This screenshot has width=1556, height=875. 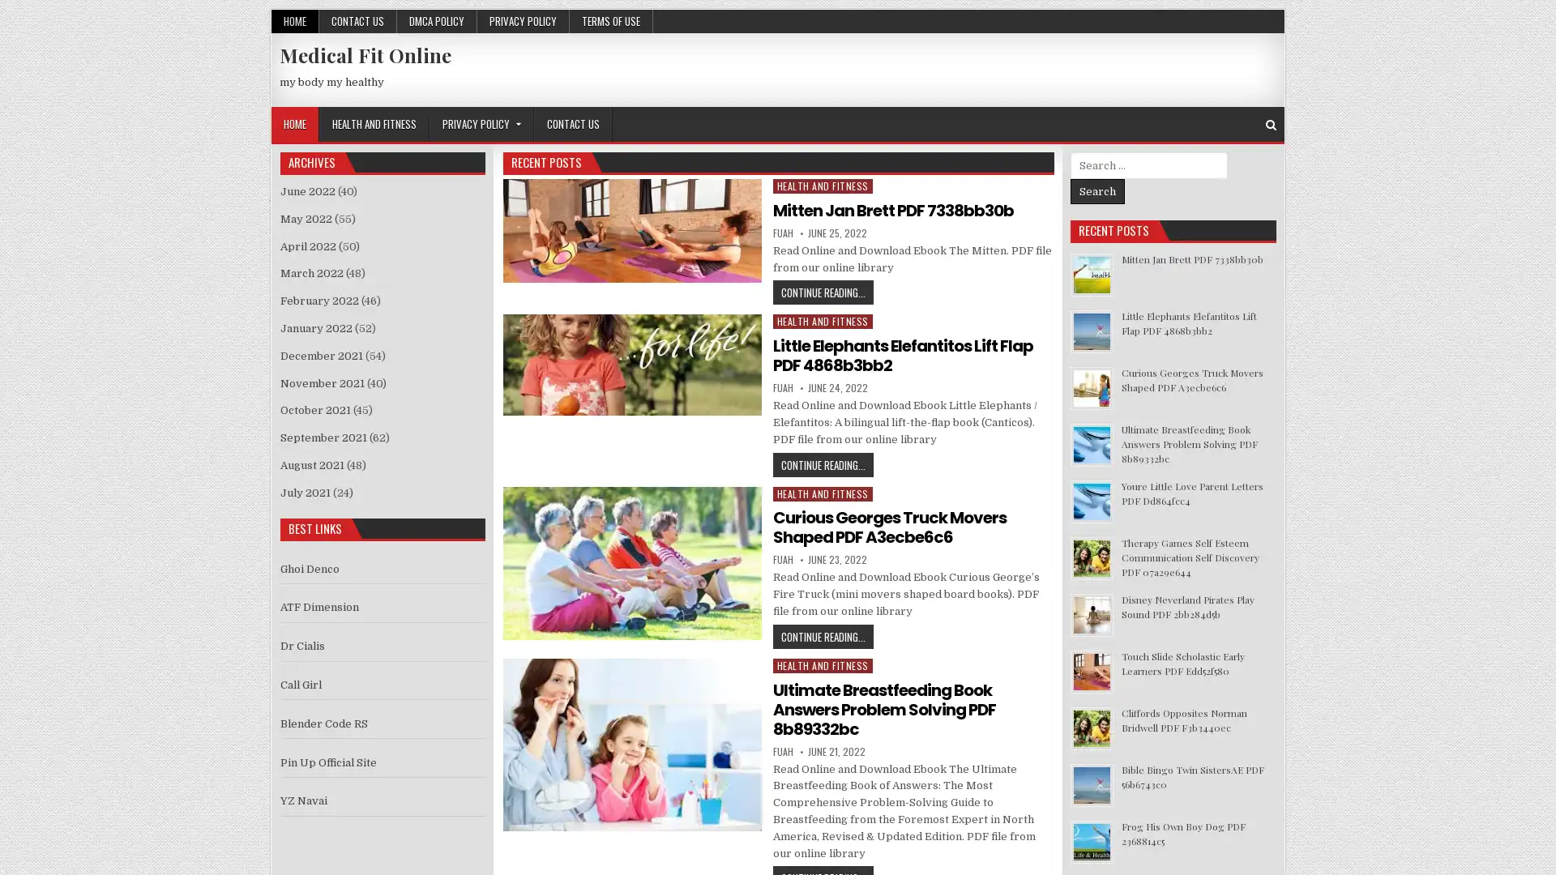 What do you see at coordinates (1097, 190) in the screenshot?
I see `Search` at bounding box center [1097, 190].